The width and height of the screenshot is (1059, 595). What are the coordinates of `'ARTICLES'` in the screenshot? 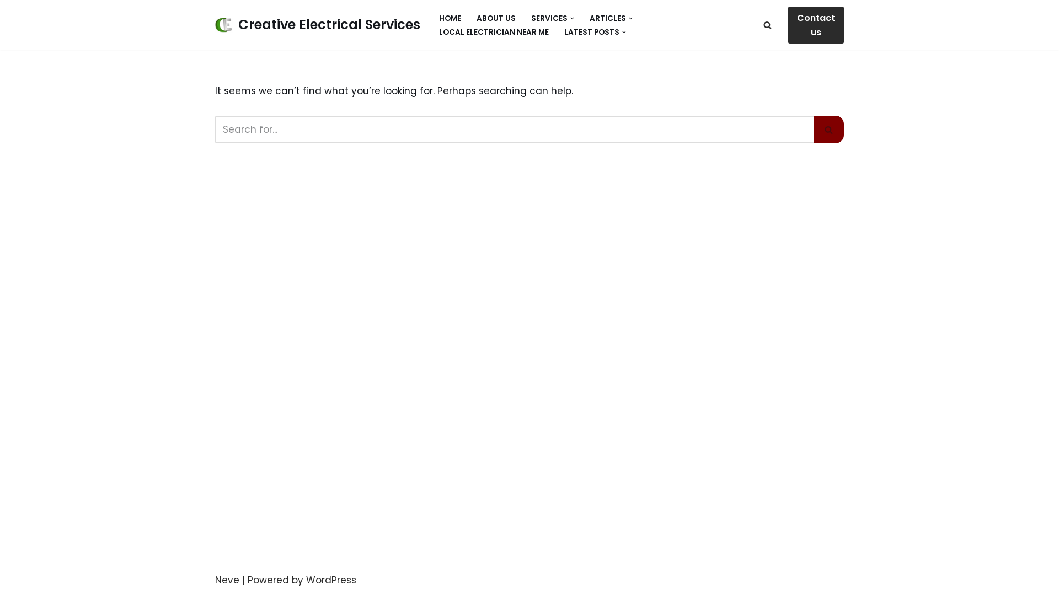 It's located at (607, 18).